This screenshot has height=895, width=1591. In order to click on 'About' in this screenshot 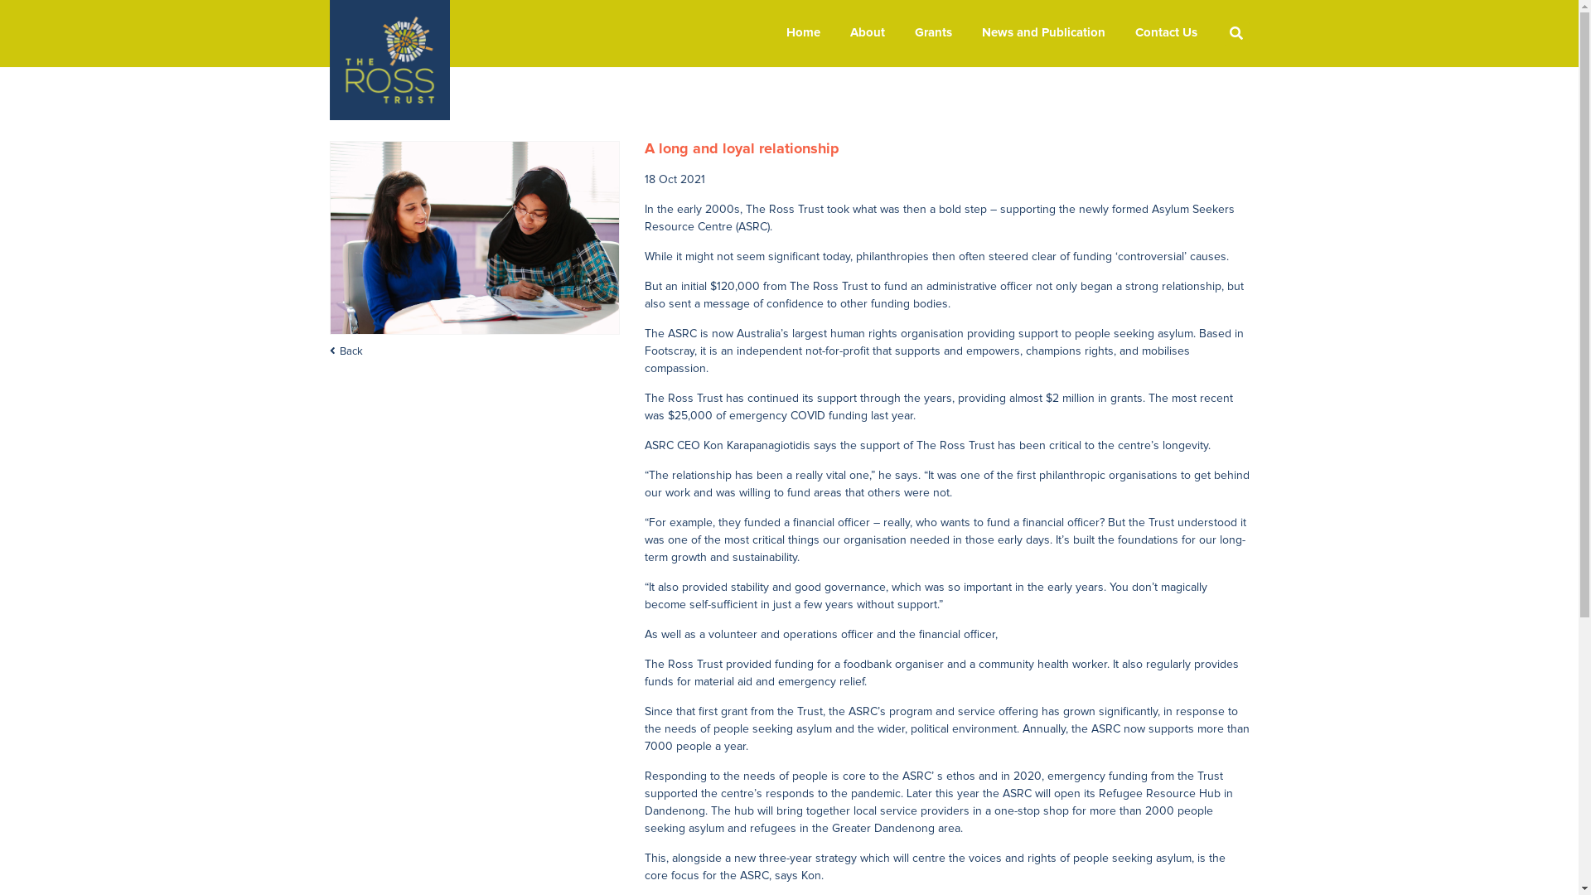, I will do `click(835, 33)`.